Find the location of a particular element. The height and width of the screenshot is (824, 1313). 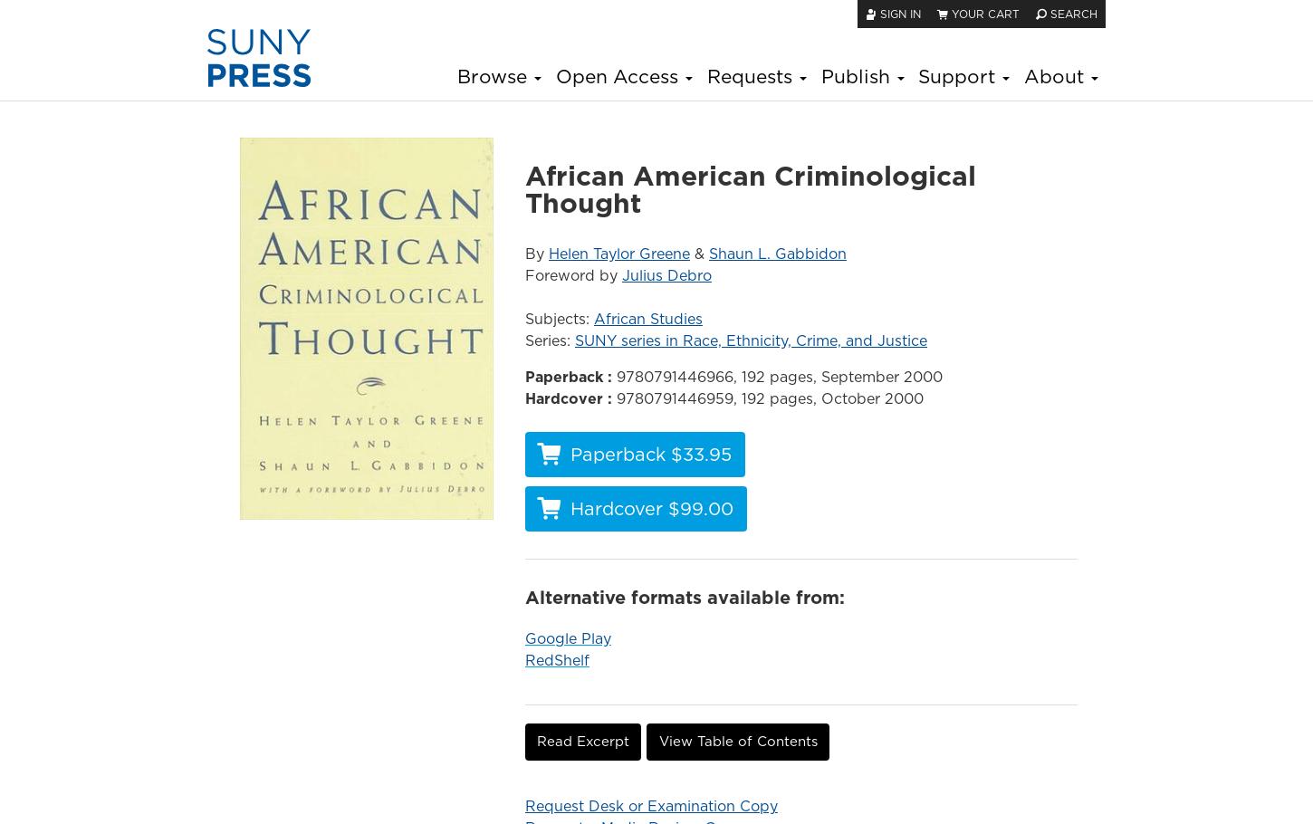

'Paperback
                            :' is located at coordinates (523, 375).